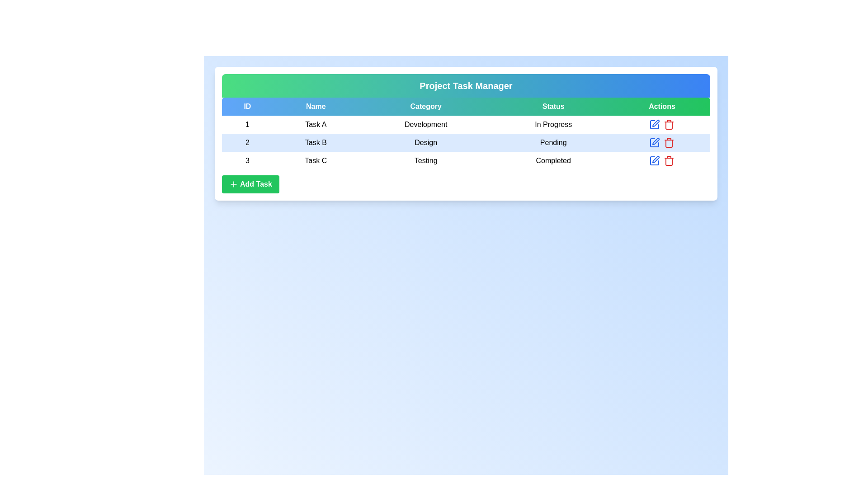 This screenshot has height=488, width=868. What do you see at coordinates (315, 106) in the screenshot?
I see `the header labeled 'Name' to sort the table by that column` at bounding box center [315, 106].